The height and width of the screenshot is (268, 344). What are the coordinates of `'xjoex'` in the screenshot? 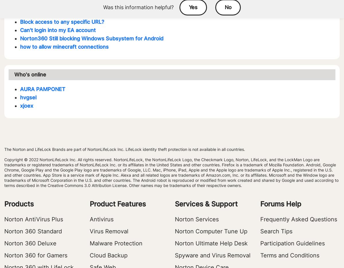 It's located at (27, 106).